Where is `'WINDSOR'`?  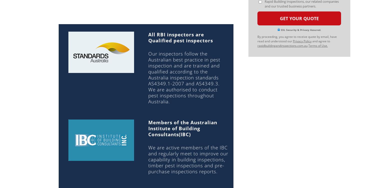 'WINDSOR' is located at coordinates (206, 140).